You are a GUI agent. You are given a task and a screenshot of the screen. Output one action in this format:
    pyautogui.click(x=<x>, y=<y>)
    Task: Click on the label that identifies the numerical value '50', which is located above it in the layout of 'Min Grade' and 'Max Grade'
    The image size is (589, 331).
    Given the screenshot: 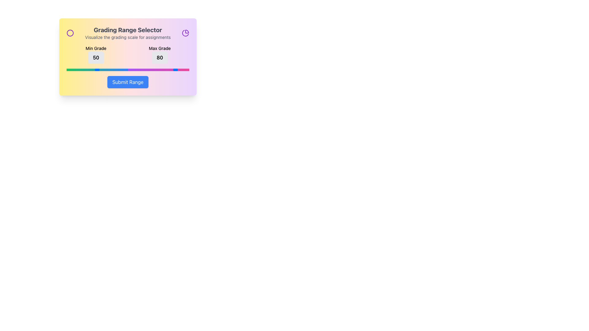 What is the action you would take?
    pyautogui.click(x=95, y=48)
    